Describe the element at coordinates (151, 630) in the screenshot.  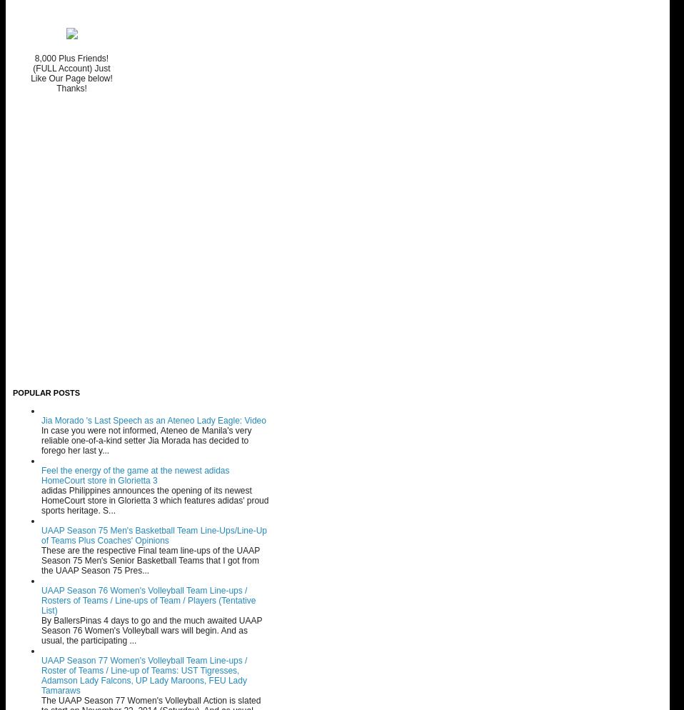
I see `'By BallersPinas    4 days to go and the much awaited UAAP Season 76 Women's Volleyball wars will begin. And as usual, the participating ...'` at that location.